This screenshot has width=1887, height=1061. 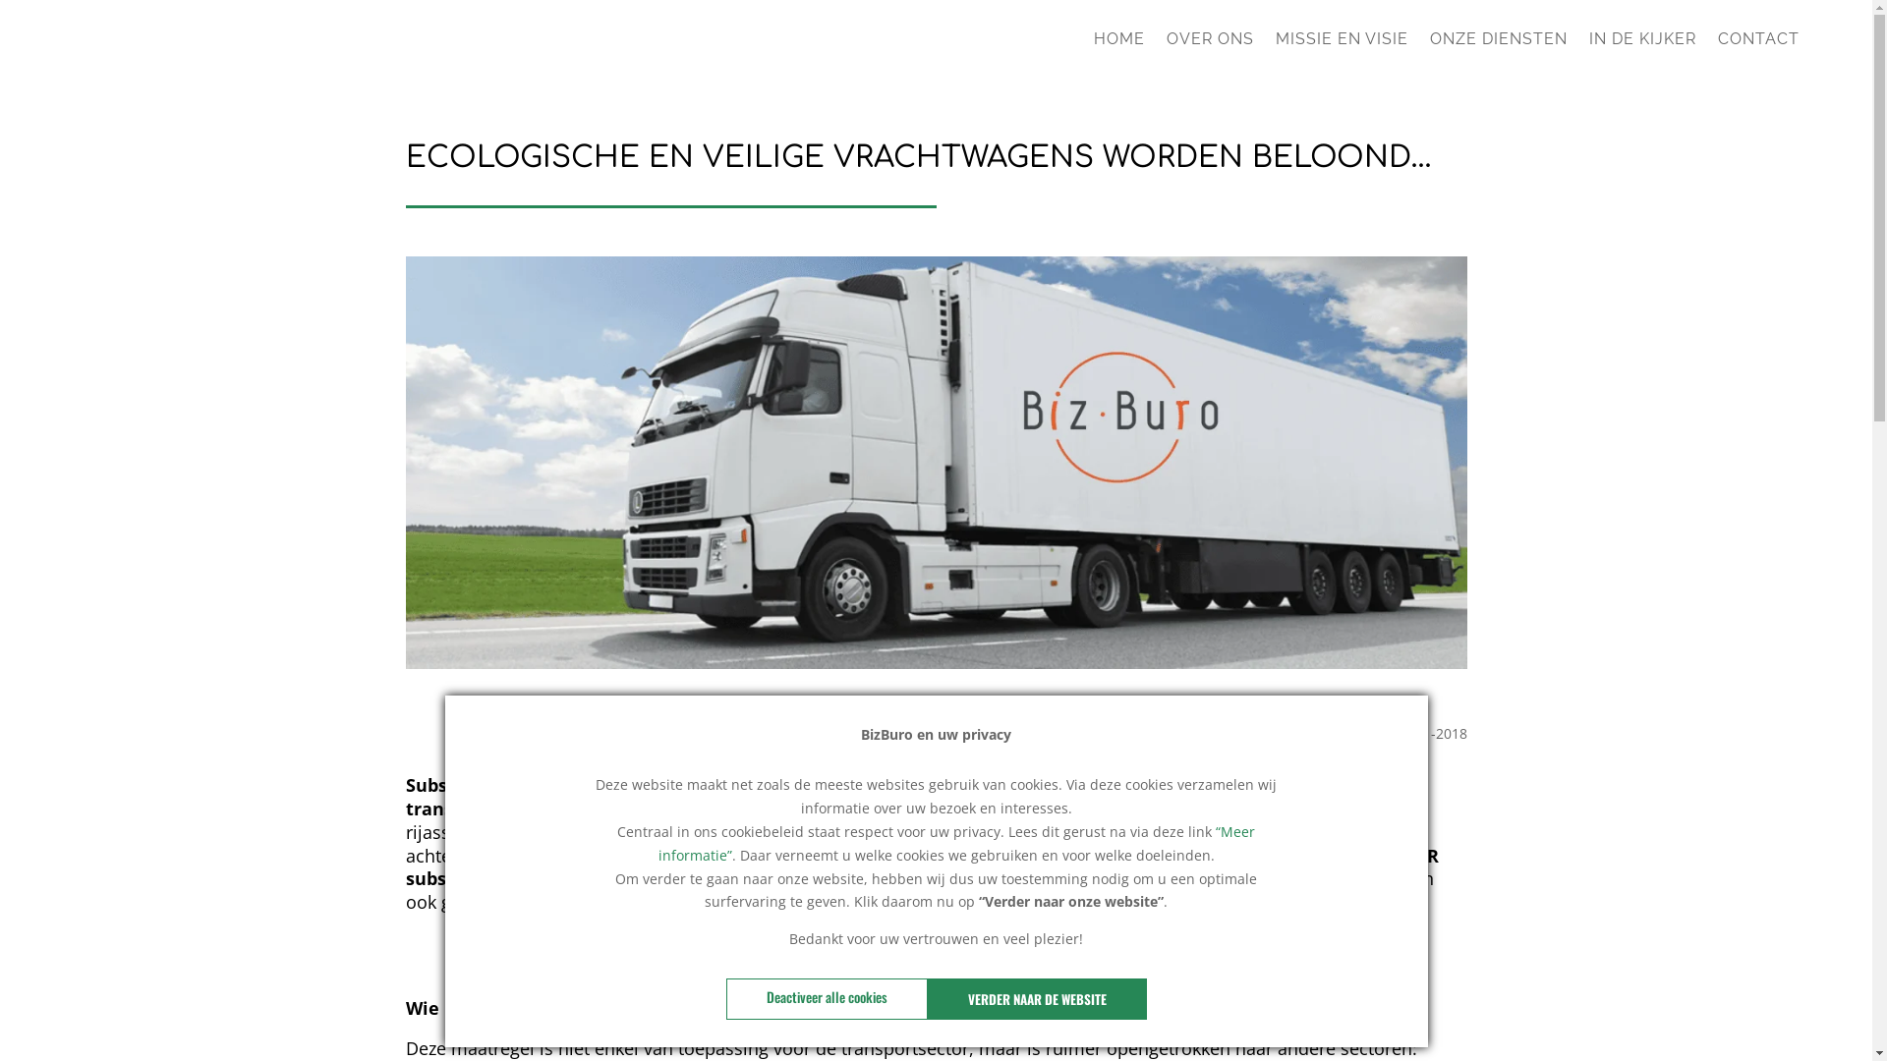 What do you see at coordinates (1642, 45) in the screenshot?
I see `'IN DE KIJKER'` at bounding box center [1642, 45].